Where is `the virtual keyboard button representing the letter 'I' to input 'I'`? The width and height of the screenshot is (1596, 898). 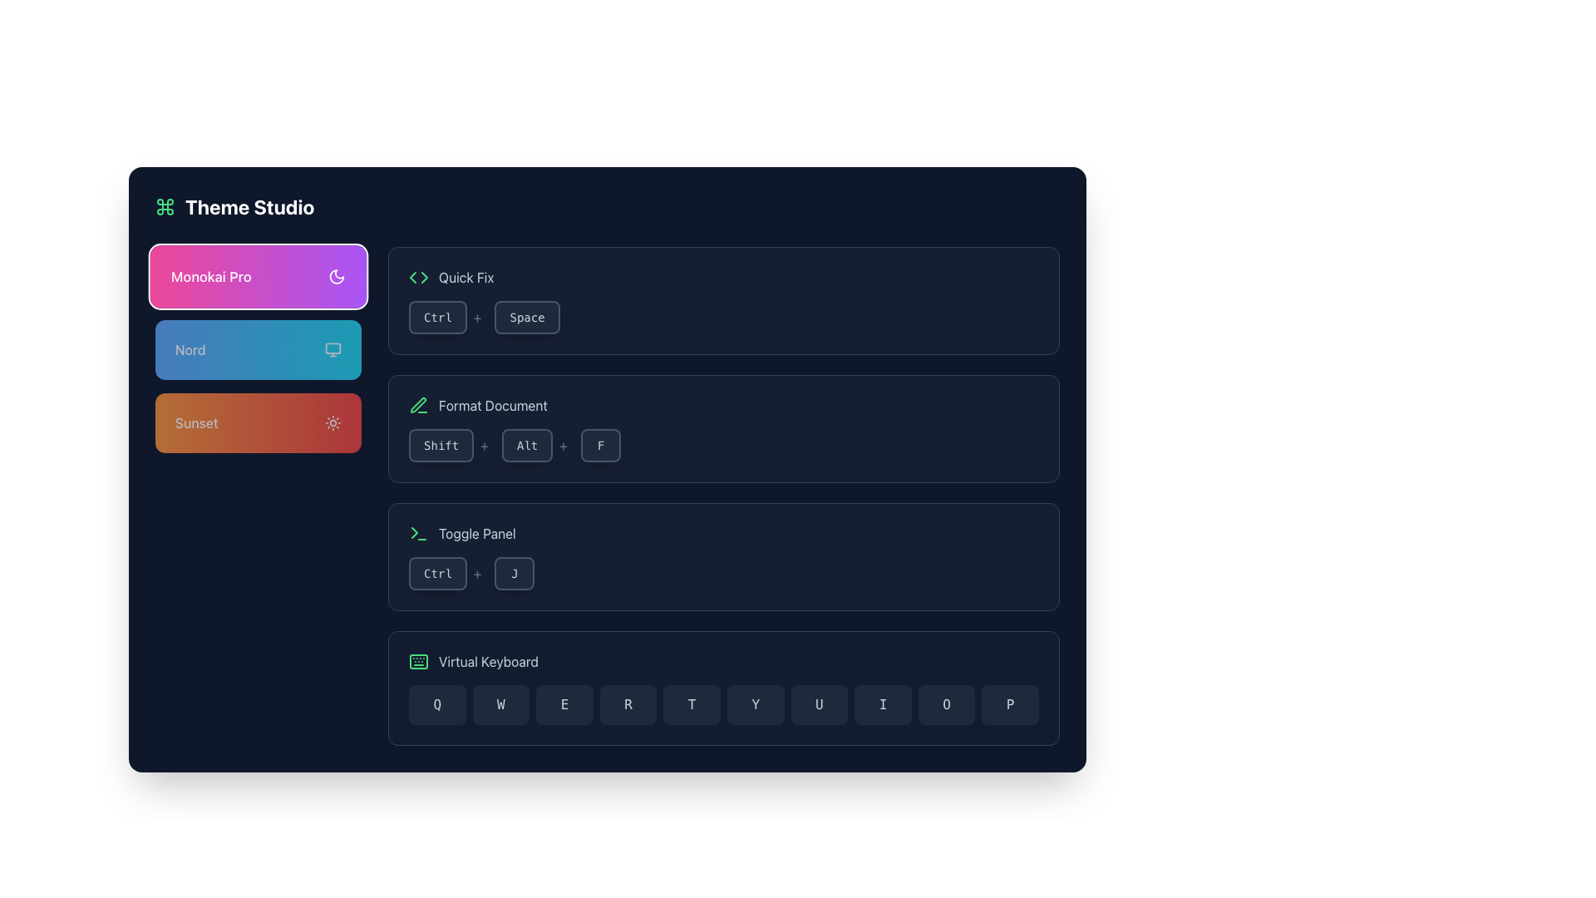
the virtual keyboard button representing the letter 'I' to input 'I' is located at coordinates (882, 705).